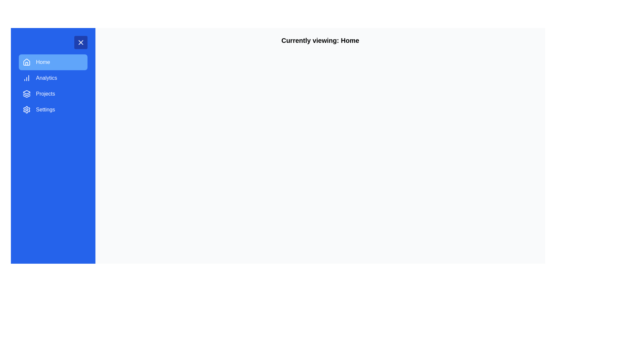 This screenshot has height=356, width=634. What do you see at coordinates (26, 95) in the screenshot?
I see `the middle layer of the stacked icon representing the 'Projects' menu option` at bounding box center [26, 95].